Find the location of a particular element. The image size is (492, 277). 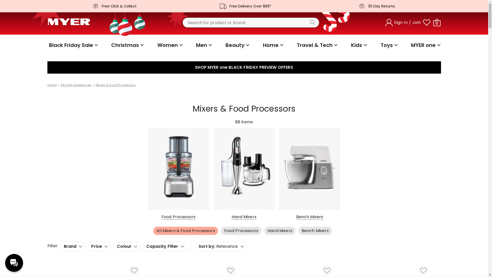

'Kids' is located at coordinates (349, 45).